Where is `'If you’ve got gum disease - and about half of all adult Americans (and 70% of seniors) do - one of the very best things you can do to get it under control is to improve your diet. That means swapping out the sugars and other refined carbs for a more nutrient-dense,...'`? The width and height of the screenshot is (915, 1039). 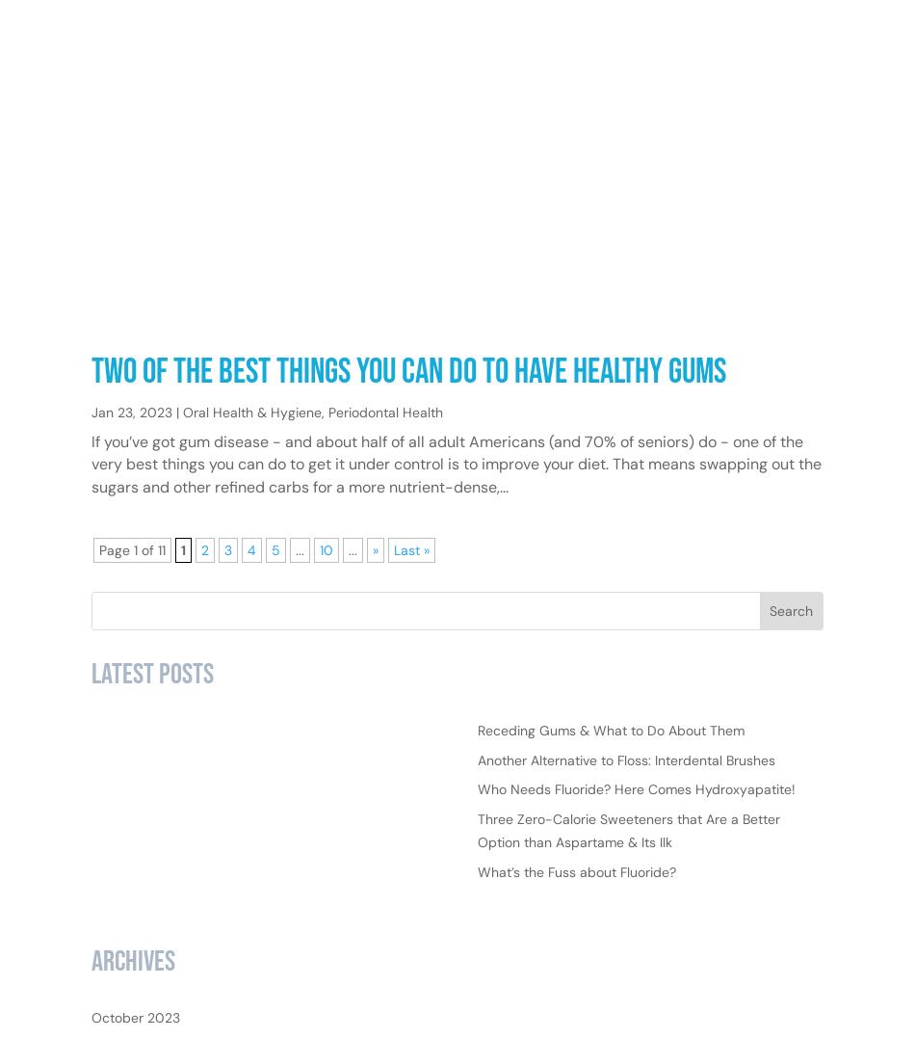
'If you’ve got gum disease - and about half of all adult Americans (and 70% of seniors) do - one of the very best things you can do to get it under control is to improve your diet. That means swapping out the sugars and other refined carbs for a more nutrient-dense,...' is located at coordinates (455, 524).